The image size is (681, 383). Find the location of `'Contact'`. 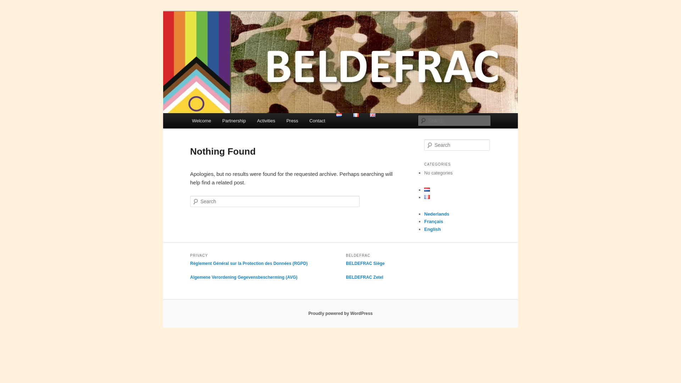

'Contact' is located at coordinates (316, 120).